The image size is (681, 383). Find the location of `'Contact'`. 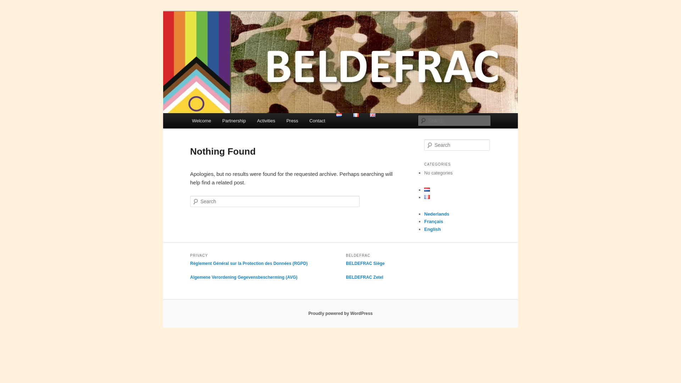

'Contact' is located at coordinates (316, 120).